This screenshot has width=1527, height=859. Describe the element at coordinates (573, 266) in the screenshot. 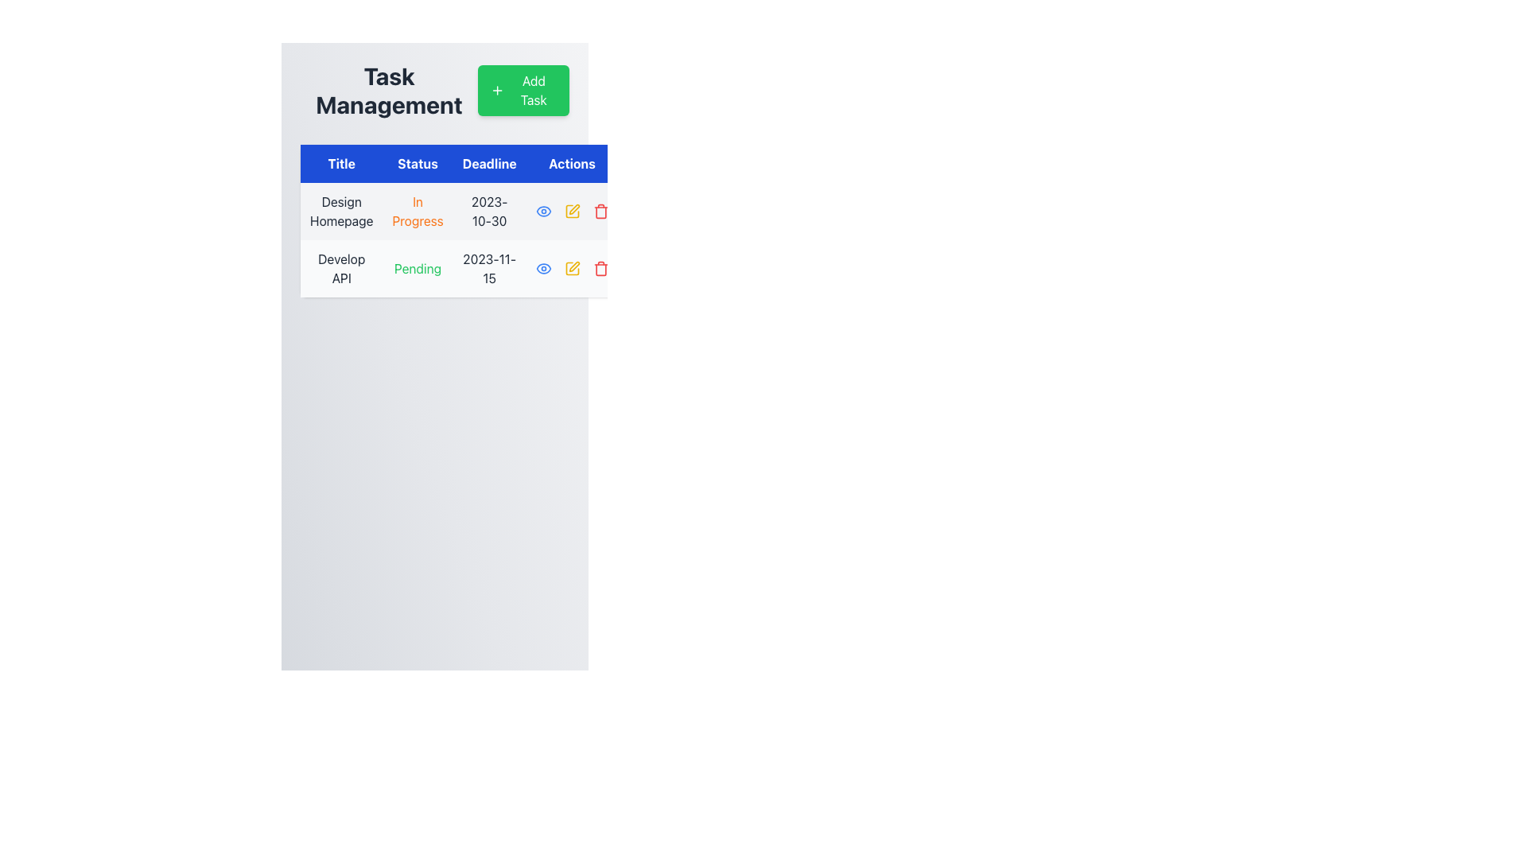

I see `the pen icon in the second row of the 'Actions' column` at that location.